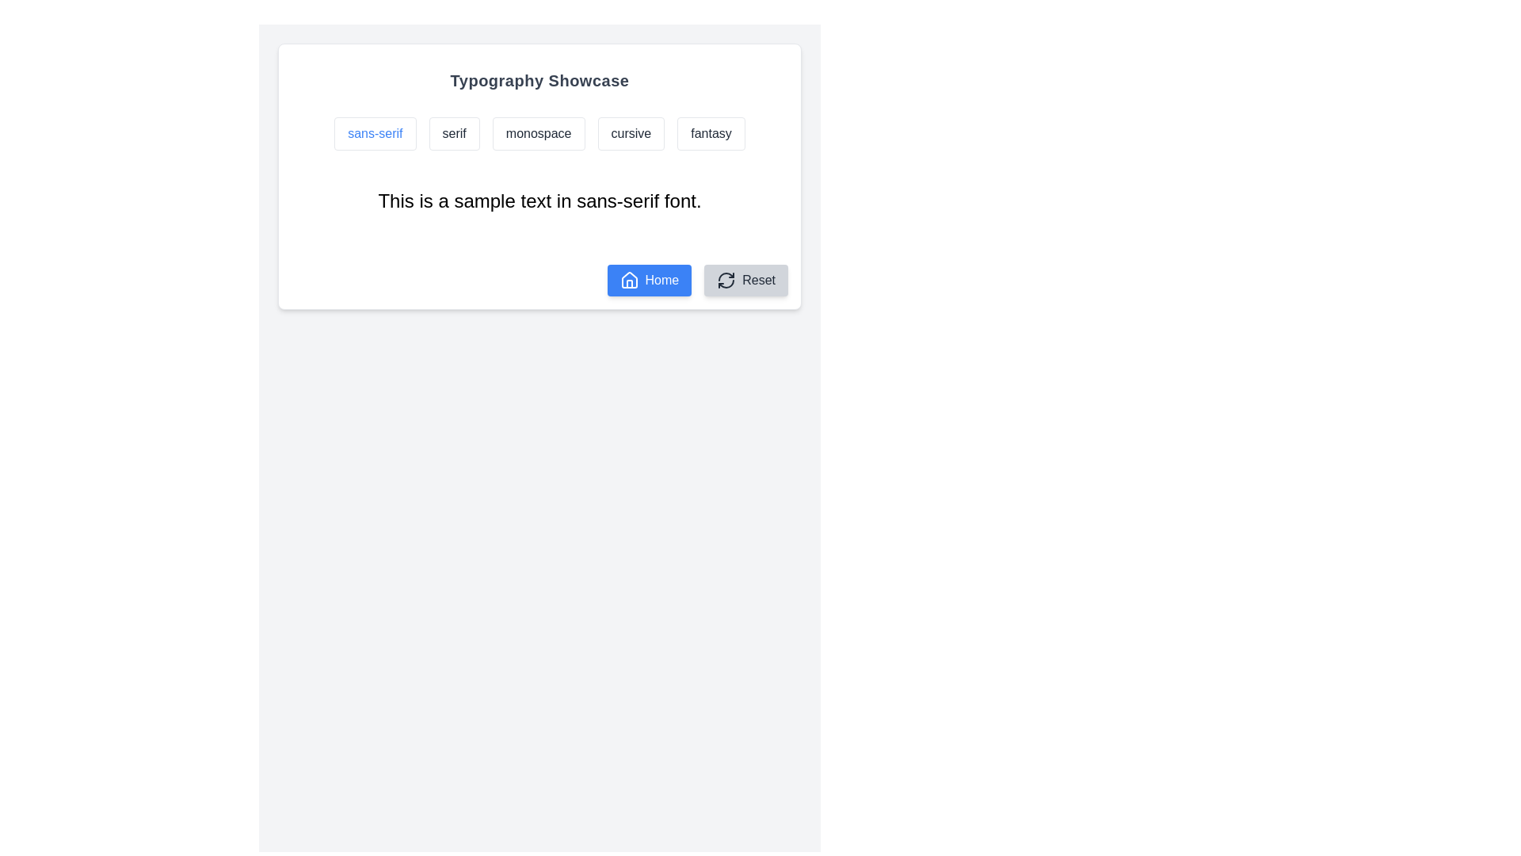 The width and height of the screenshot is (1521, 856). What do you see at coordinates (630, 133) in the screenshot?
I see `the fourth button in the font selection interface` at bounding box center [630, 133].